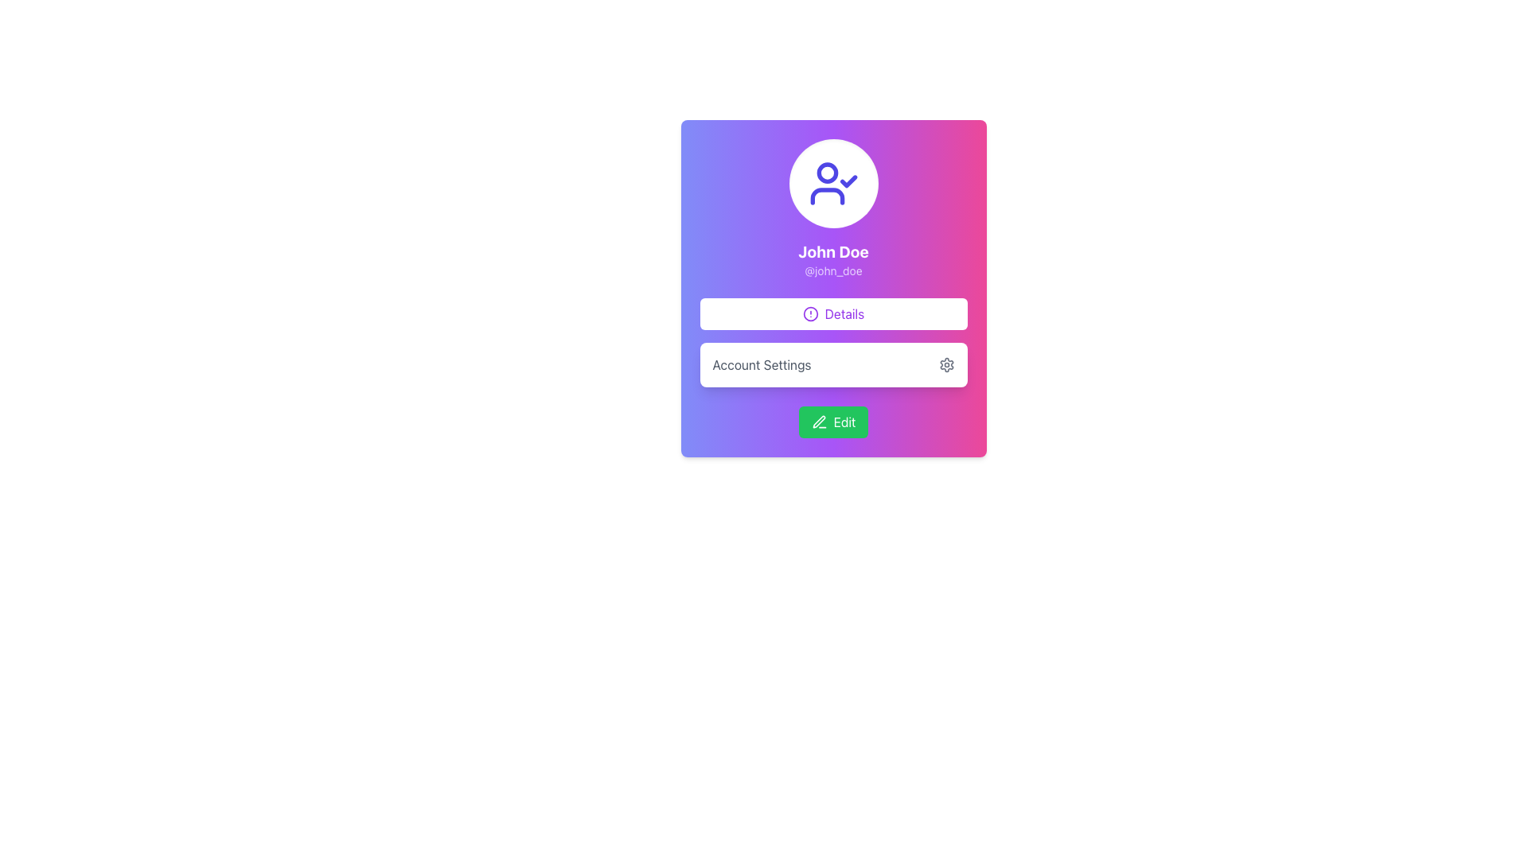 The height and width of the screenshot is (859, 1528). Describe the element at coordinates (832, 183) in the screenshot. I see `the circular avatar with a white background and blue user icon` at that location.